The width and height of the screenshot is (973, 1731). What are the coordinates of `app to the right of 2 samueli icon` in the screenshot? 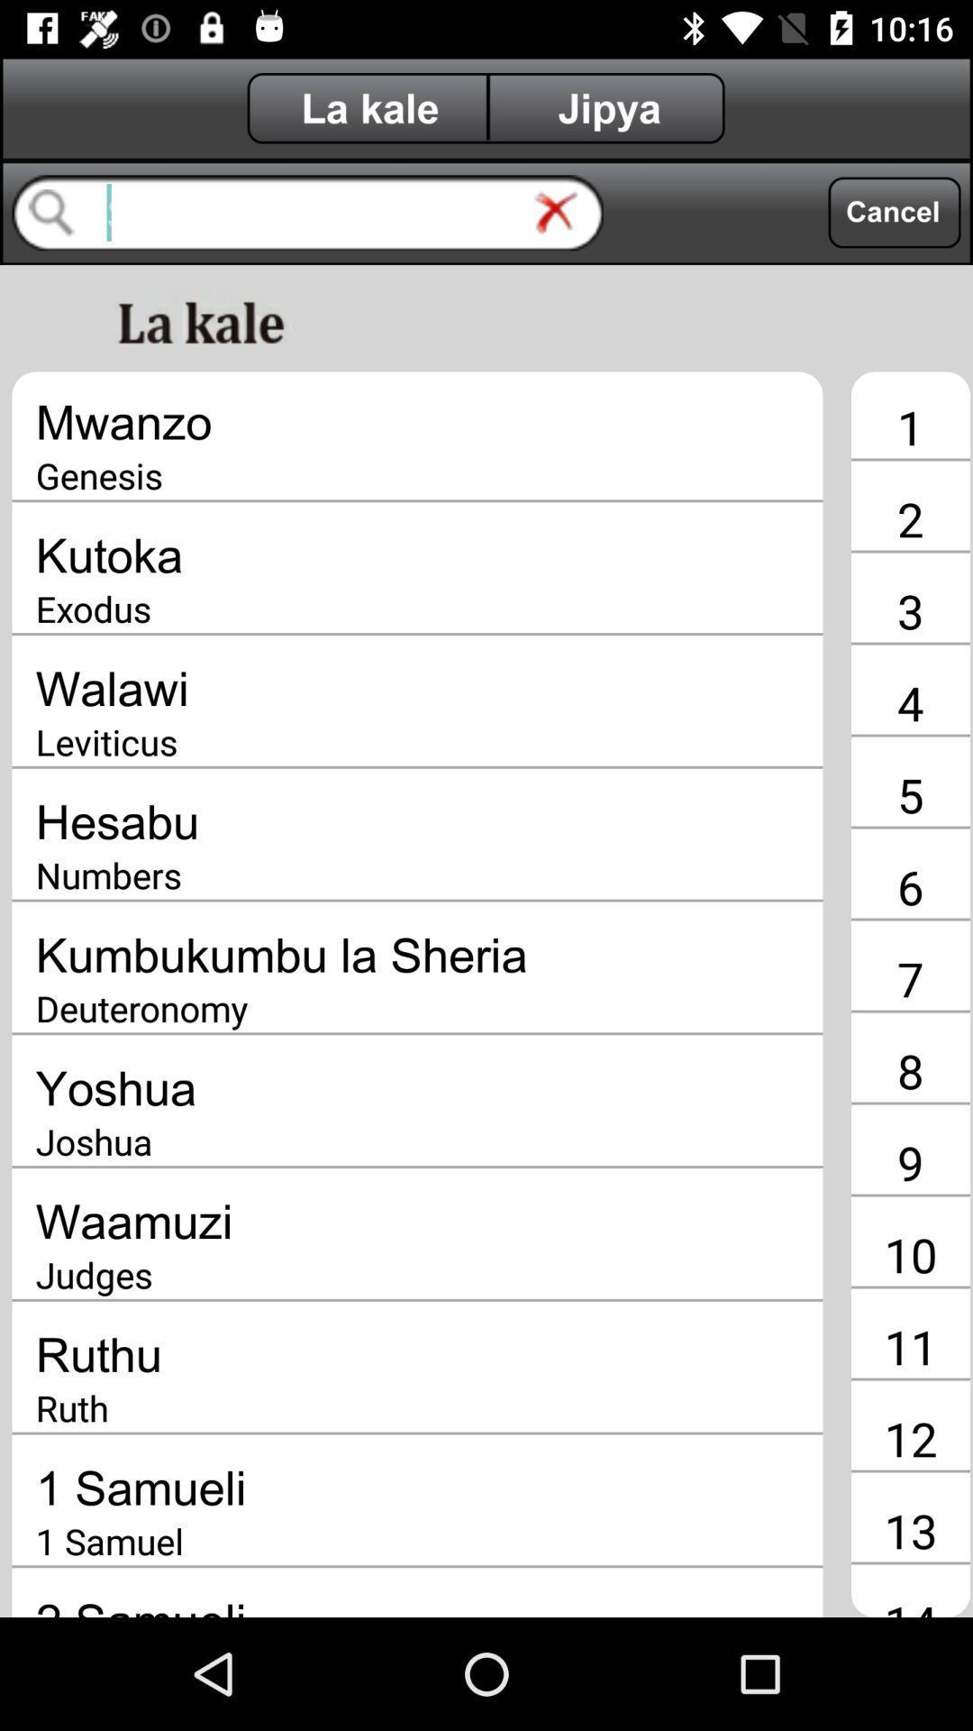 It's located at (910, 1604).